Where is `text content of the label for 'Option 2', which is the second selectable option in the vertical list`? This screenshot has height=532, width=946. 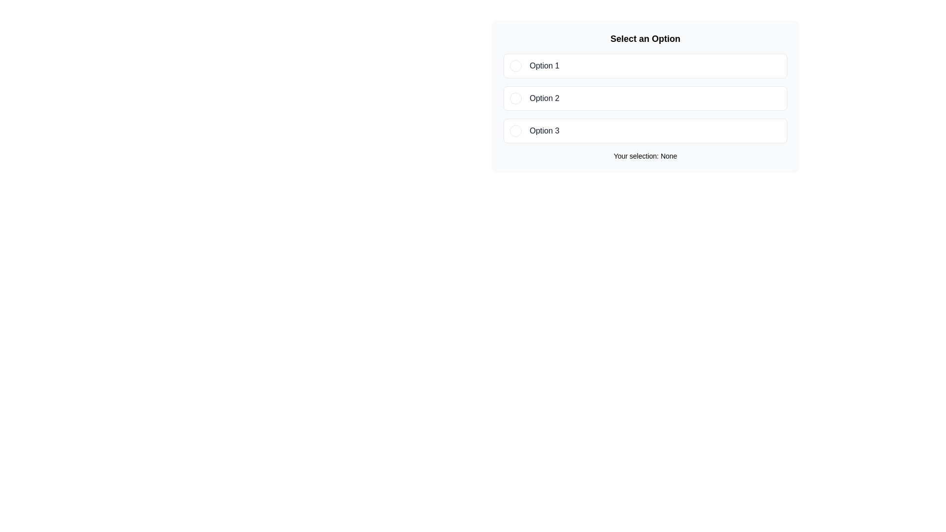 text content of the label for 'Option 2', which is the second selectable option in the vertical list is located at coordinates (544, 99).